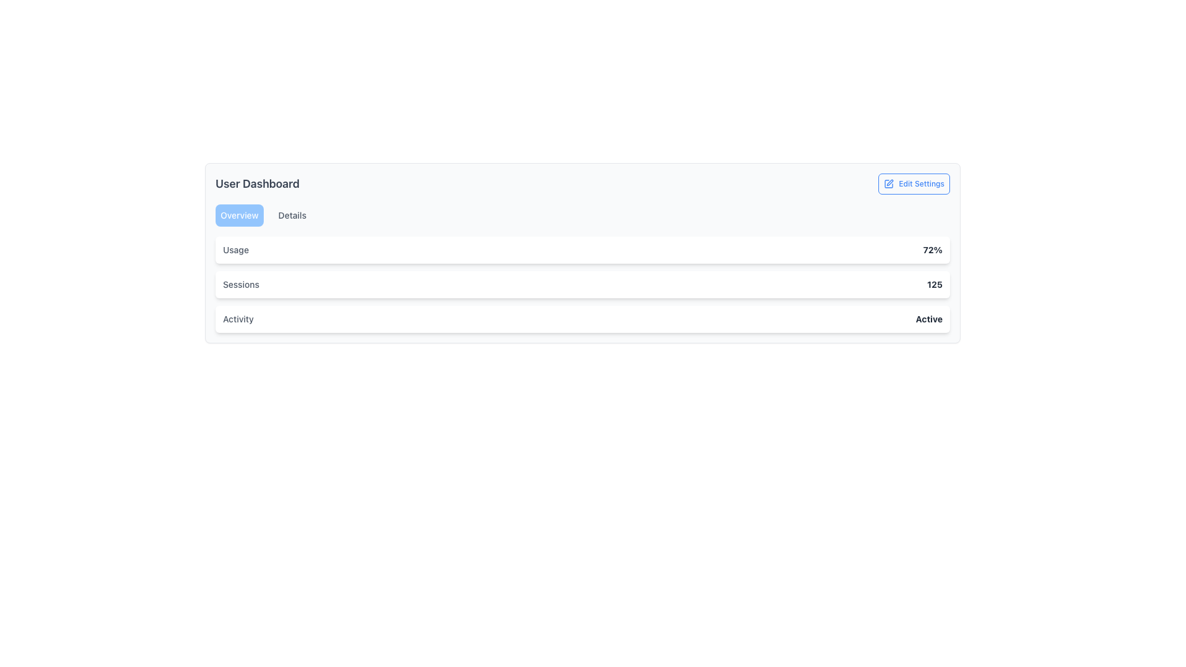  I want to click on the 'Overview' navigation button located at the top-left of the content section, so click(239, 214).